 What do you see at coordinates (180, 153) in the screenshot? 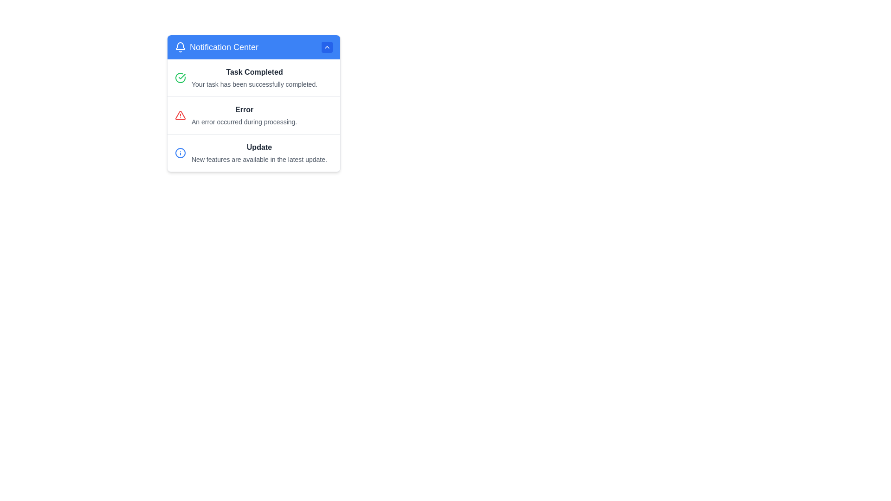
I see `the circular blue information icon located` at bounding box center [180, 153].